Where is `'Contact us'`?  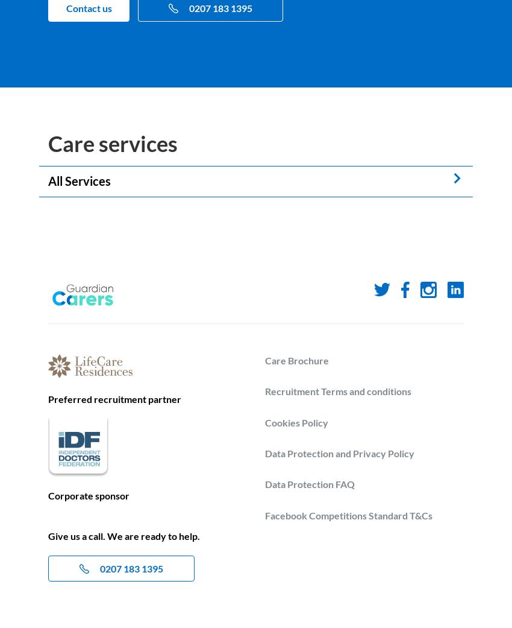 'Contact us' is located at coordinates (88, 7).